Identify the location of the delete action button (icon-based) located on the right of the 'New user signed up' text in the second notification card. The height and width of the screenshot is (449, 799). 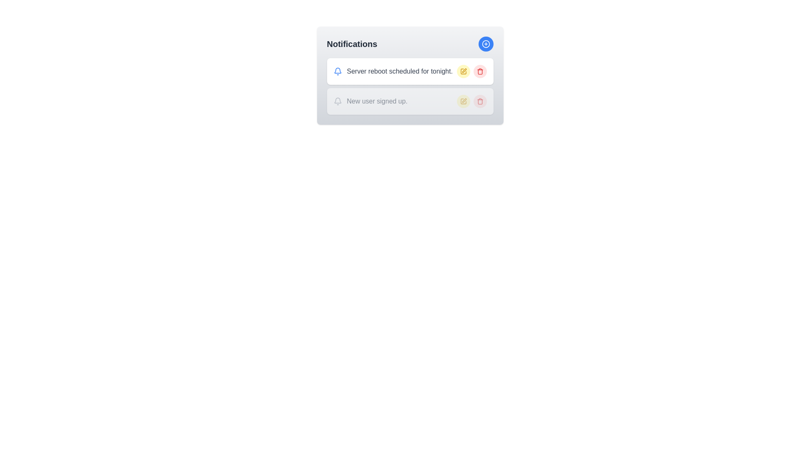
(480, 101).